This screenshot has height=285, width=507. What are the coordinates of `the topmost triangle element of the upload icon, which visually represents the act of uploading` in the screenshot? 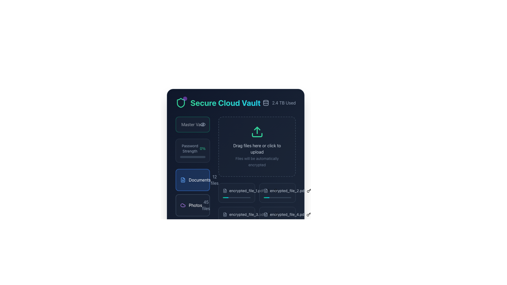 It's located at (257, 128).